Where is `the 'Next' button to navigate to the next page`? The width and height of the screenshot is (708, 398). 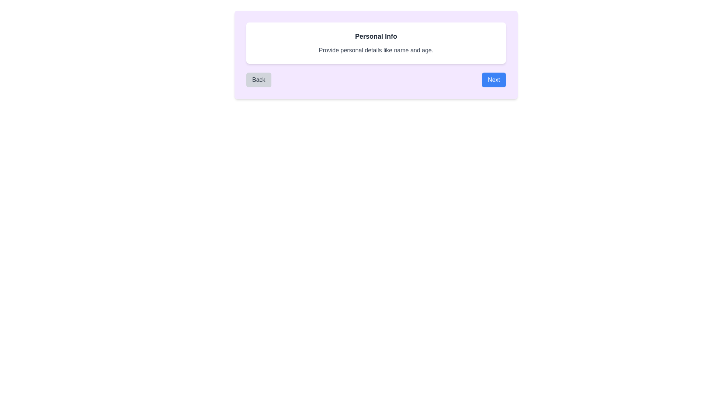
the 'Next' button to navigate to the next page is located at coordinates (494, 80).